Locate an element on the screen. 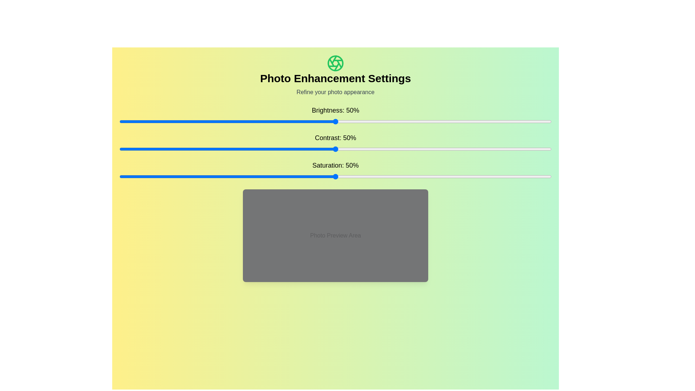 This screenshot has width=695, height=391. the brightness slider to set the brightness to 5% is located at coordinates (141, 121).